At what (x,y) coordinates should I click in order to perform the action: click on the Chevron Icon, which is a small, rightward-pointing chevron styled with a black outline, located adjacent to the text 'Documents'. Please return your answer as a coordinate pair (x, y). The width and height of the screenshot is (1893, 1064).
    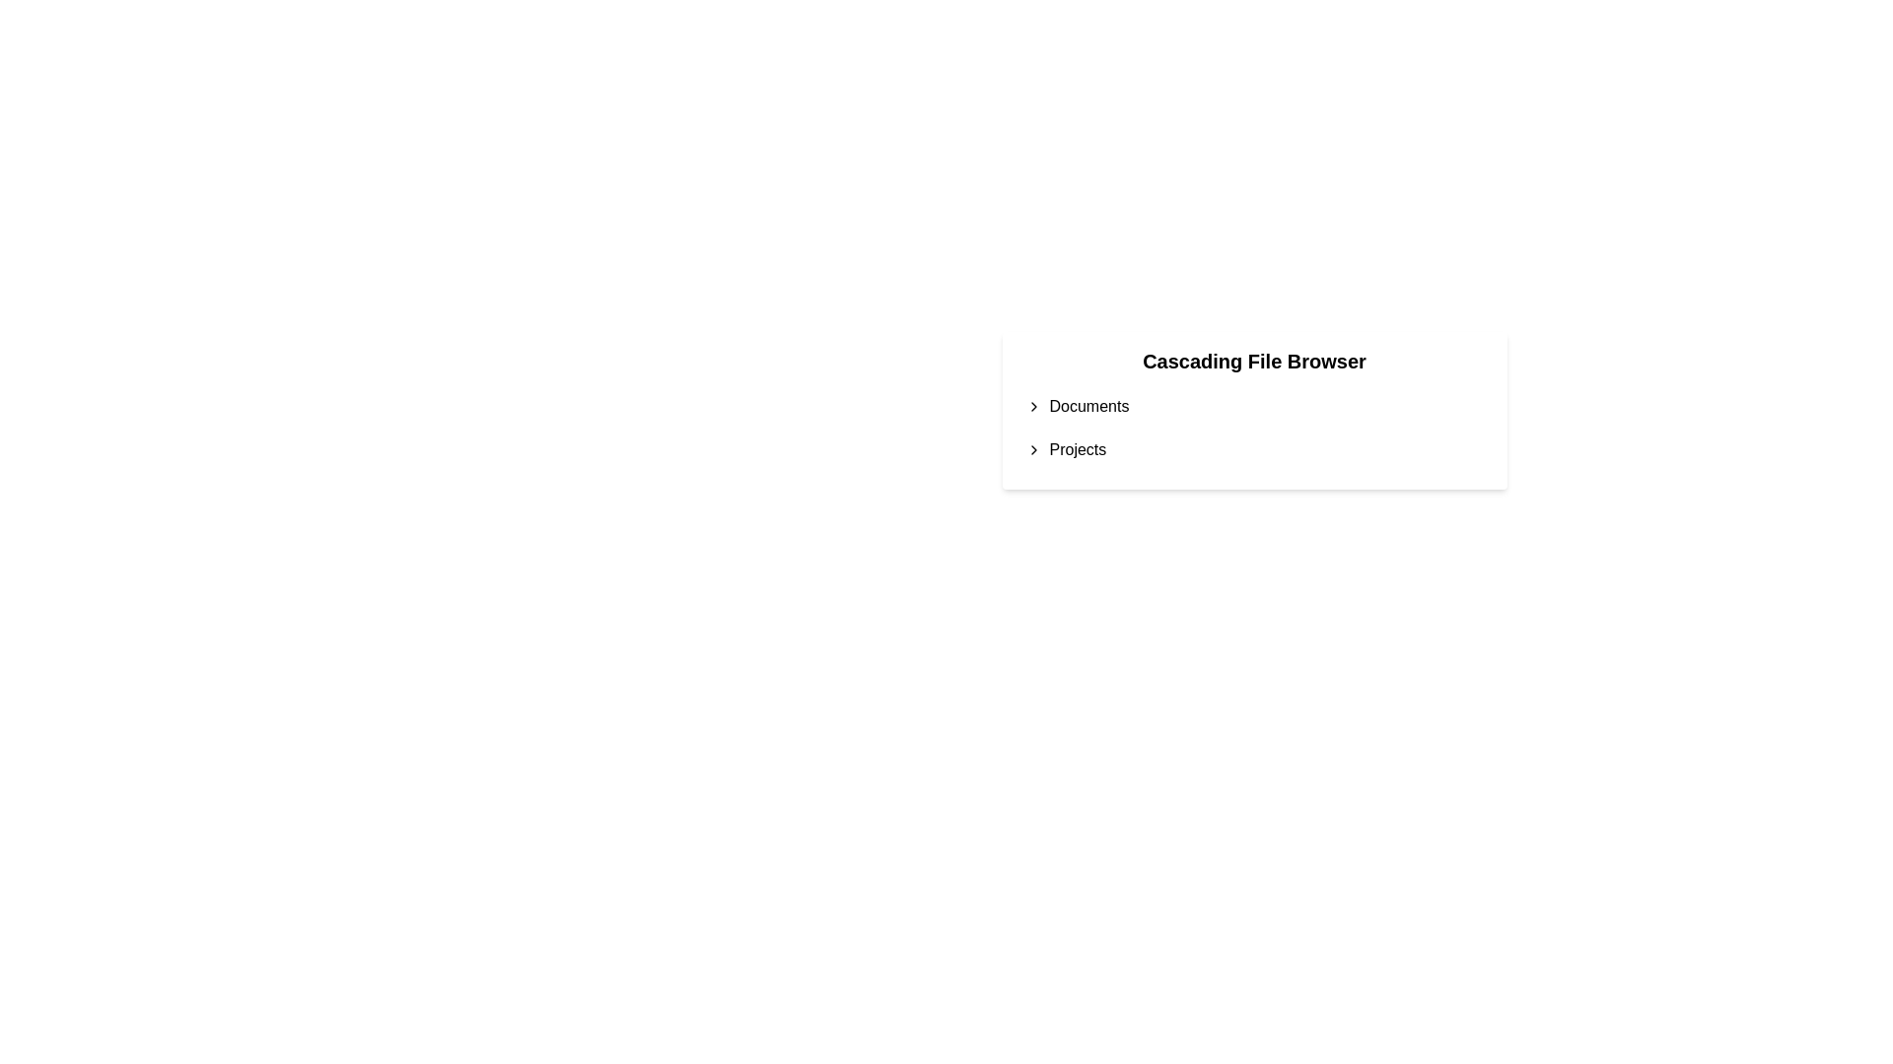
    Looking at the image, I should click on (1032, 405).